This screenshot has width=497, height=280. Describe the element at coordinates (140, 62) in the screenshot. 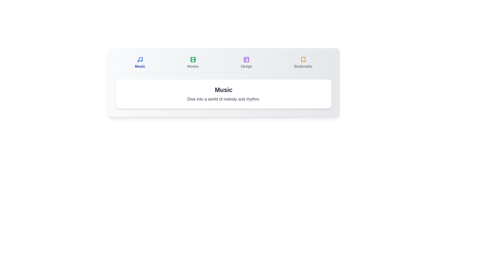

I see `the tab icon labeled Music` at that location.